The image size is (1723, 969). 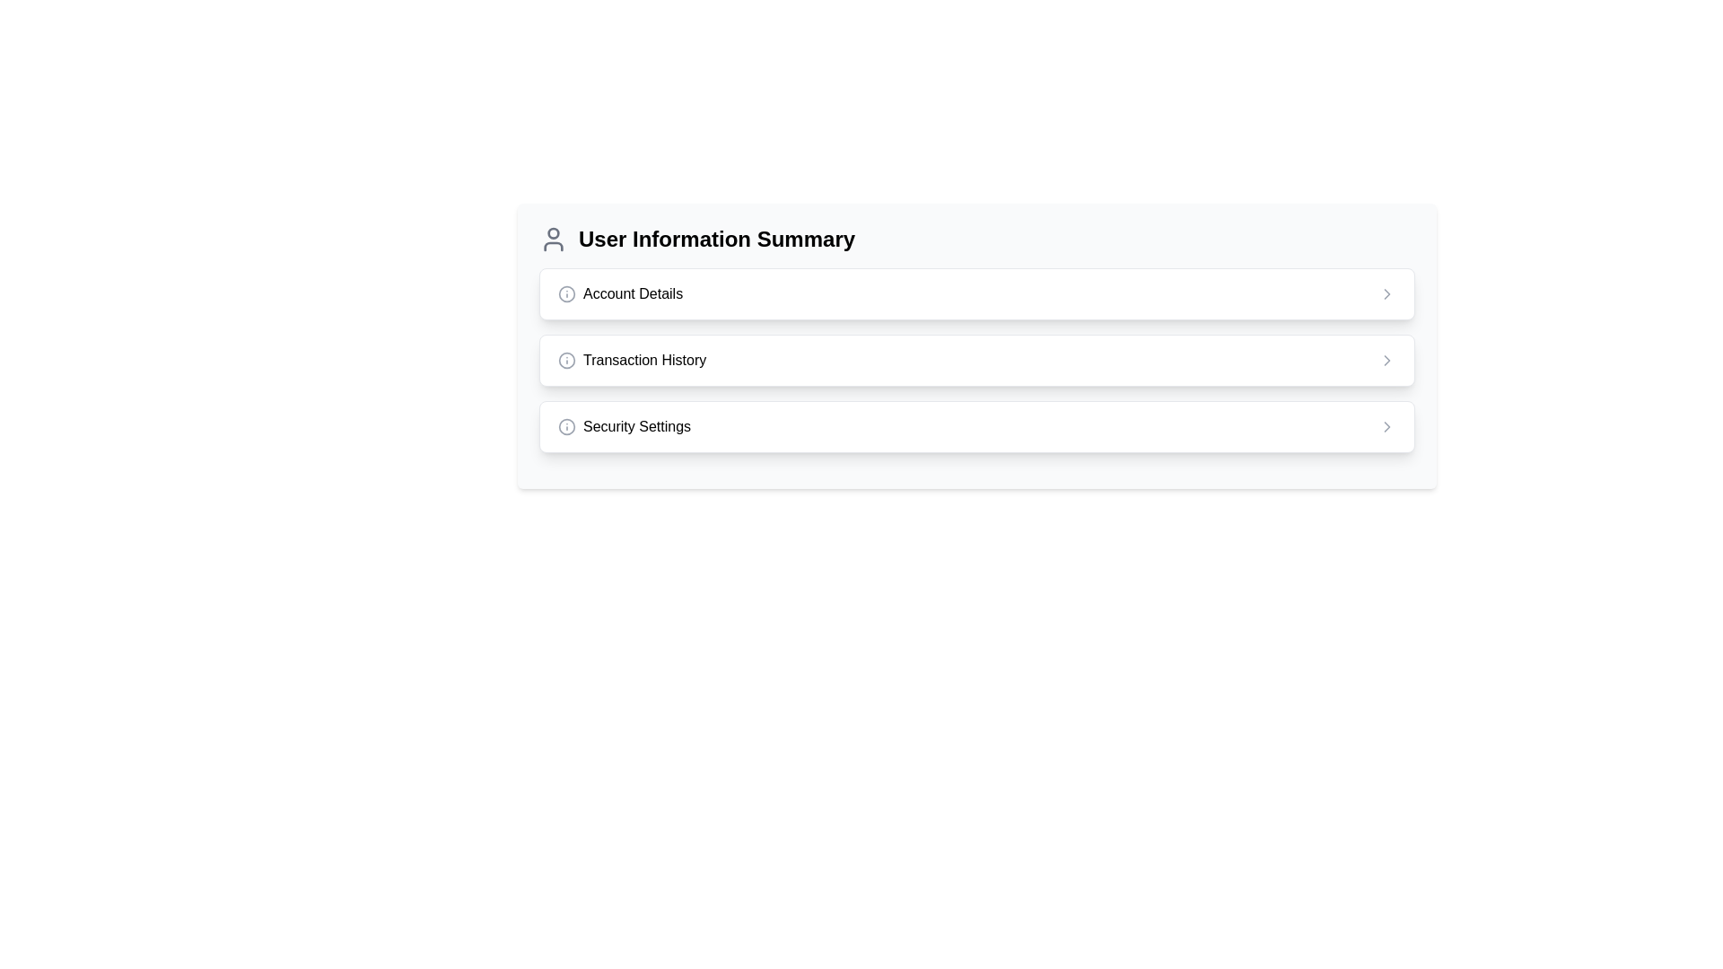 What do you see at coordinates (553, 231) in the screenshot?
I see `the Decorative SVG Circle representing the upper section of the illustrated user icon in the User Information Summary card` at bounding box center [553, 231].